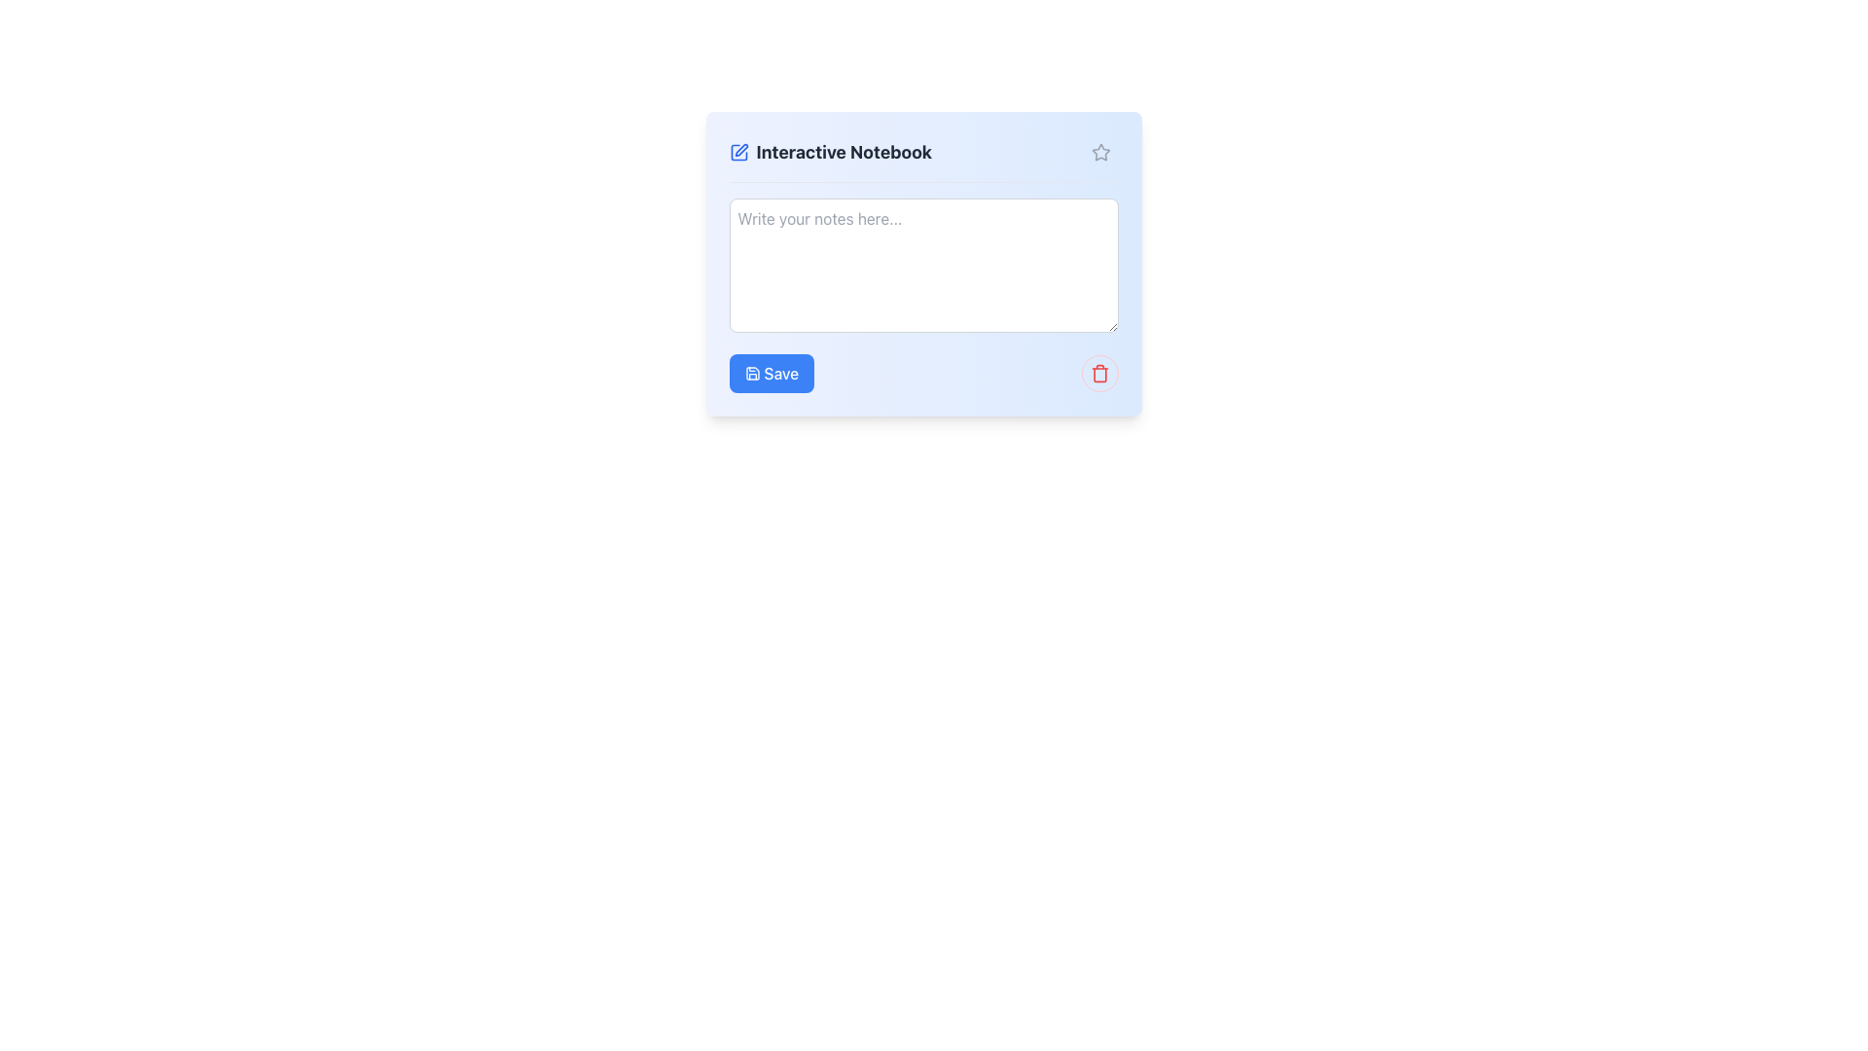  I want to click on the title or label with an icon located at the top-left of the card interface, positioned above the input and buttons, and to the left of a star icon, so click(830, 152).